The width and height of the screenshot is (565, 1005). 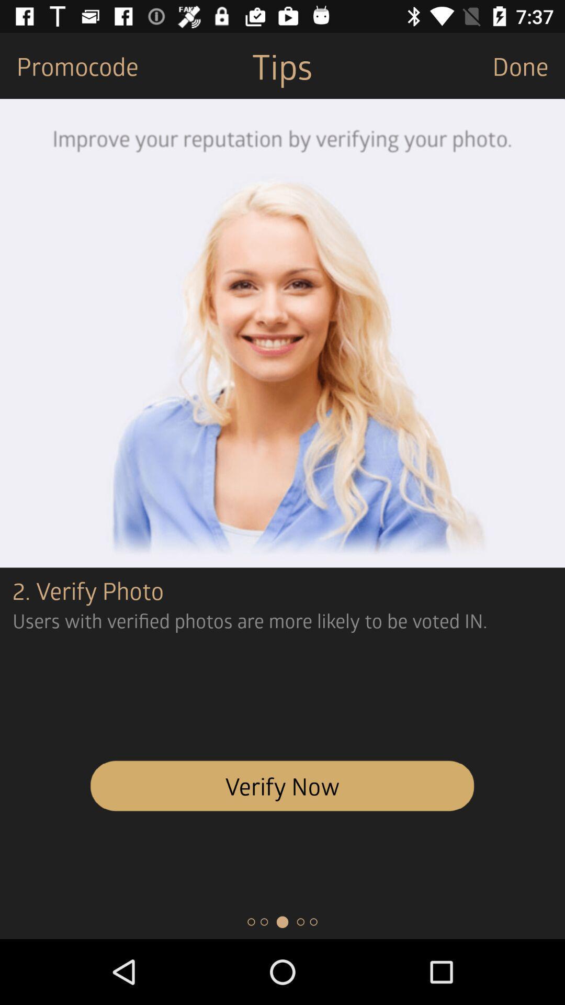 I want to click on icon below the users with verified, so click(x=282, y=786).